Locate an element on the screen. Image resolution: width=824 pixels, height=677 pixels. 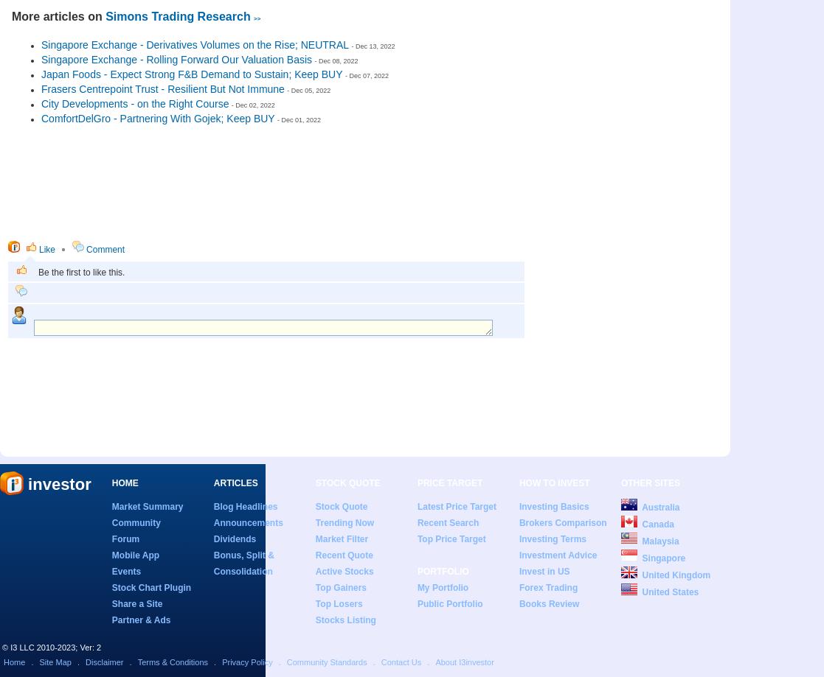
'- Dec 13, 2022' is located at coordinates (373, 46).